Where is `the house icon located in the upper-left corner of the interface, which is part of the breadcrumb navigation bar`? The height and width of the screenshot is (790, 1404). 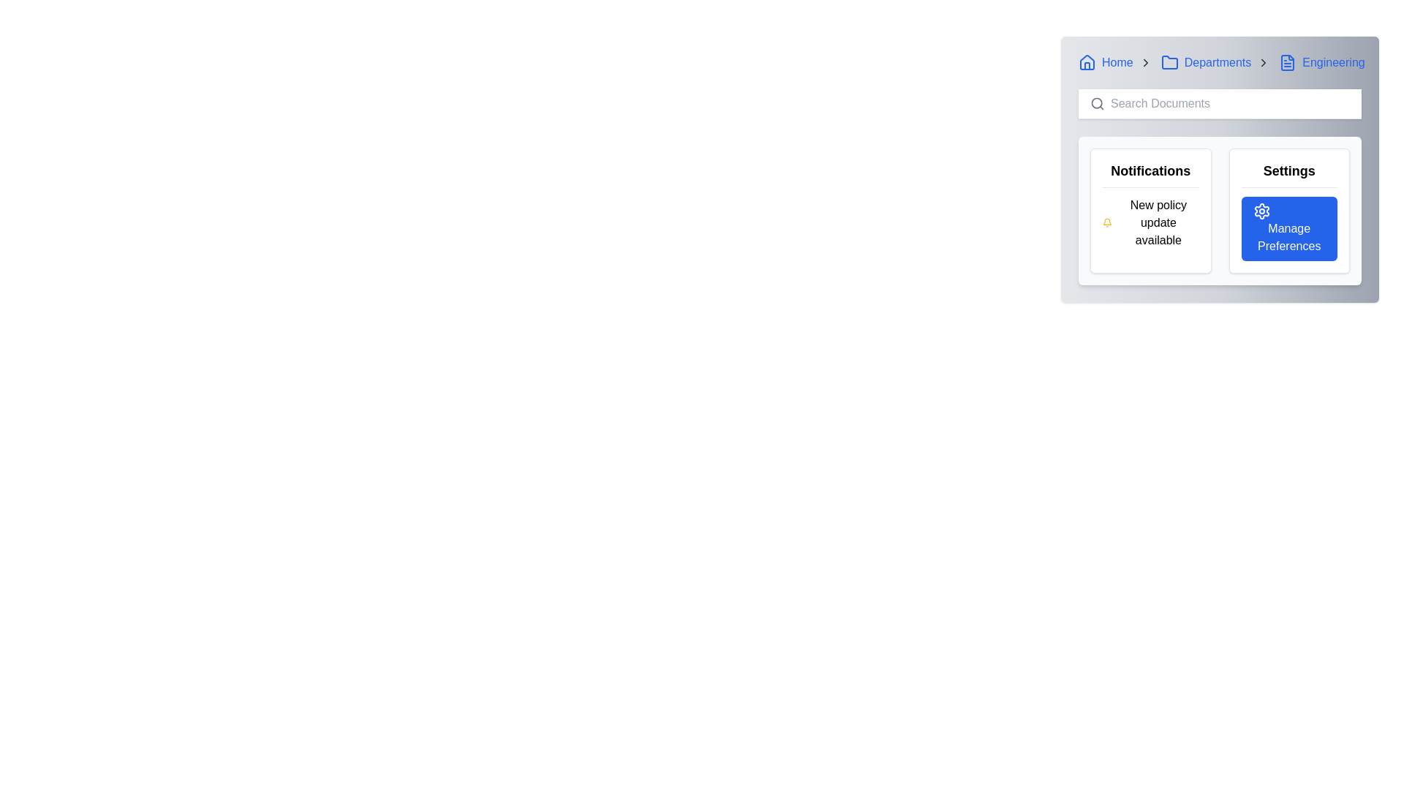 the house icon located in the upper-left corner of the interface, which is part of the breadcrumb navigation bar is located at coordinates (1087, 61).